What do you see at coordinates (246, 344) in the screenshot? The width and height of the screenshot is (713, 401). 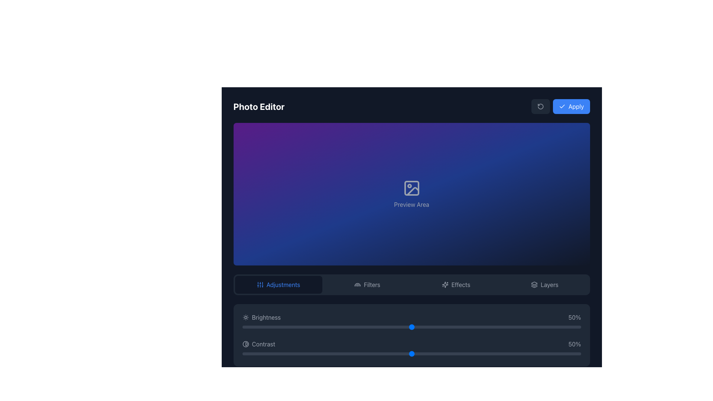 I see `the contrast adjustment icon located to the left of the 'Contrast' label in the 'Adjustments' tab` at bounding box center [246, 344].